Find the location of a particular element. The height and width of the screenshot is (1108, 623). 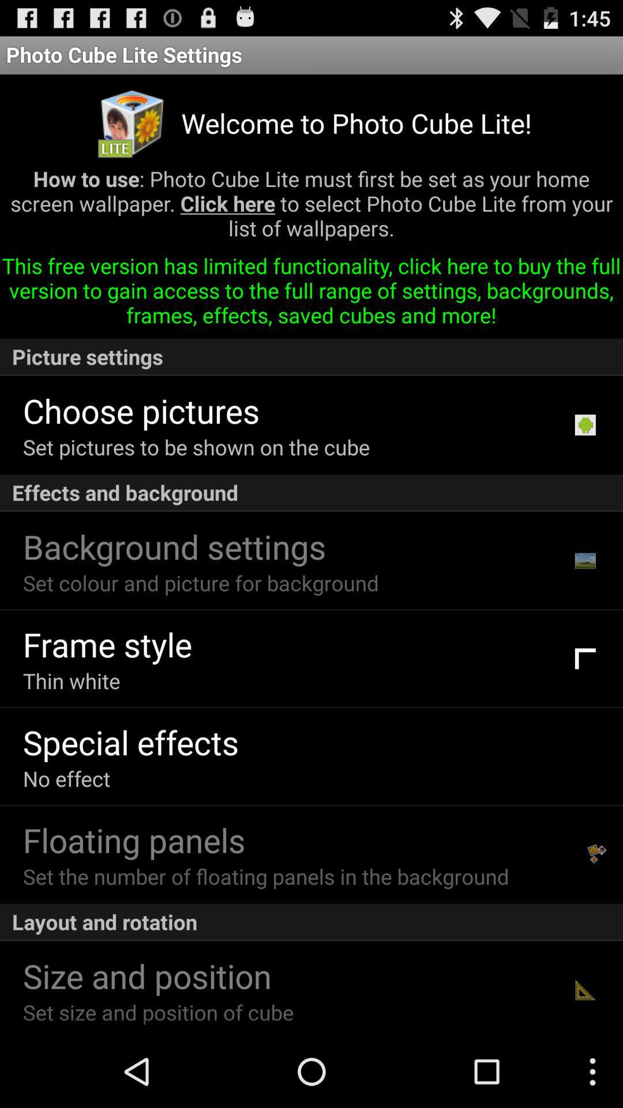

item next to set the number is located at coordinates (597, 854).